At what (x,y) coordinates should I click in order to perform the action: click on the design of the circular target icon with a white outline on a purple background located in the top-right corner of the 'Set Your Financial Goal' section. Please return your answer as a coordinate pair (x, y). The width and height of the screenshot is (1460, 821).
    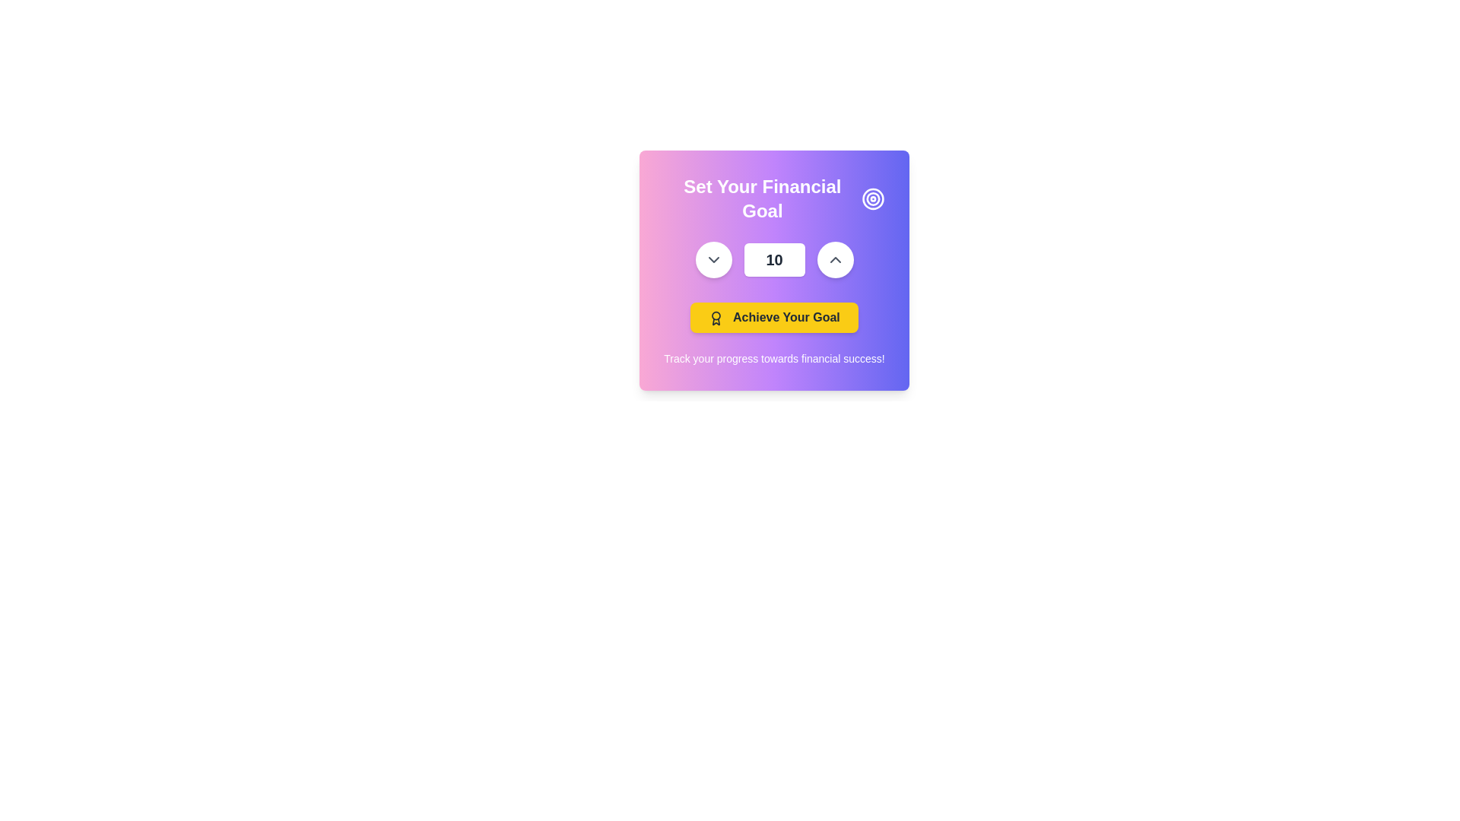
    Looking at the image, I should click on (873, 198).